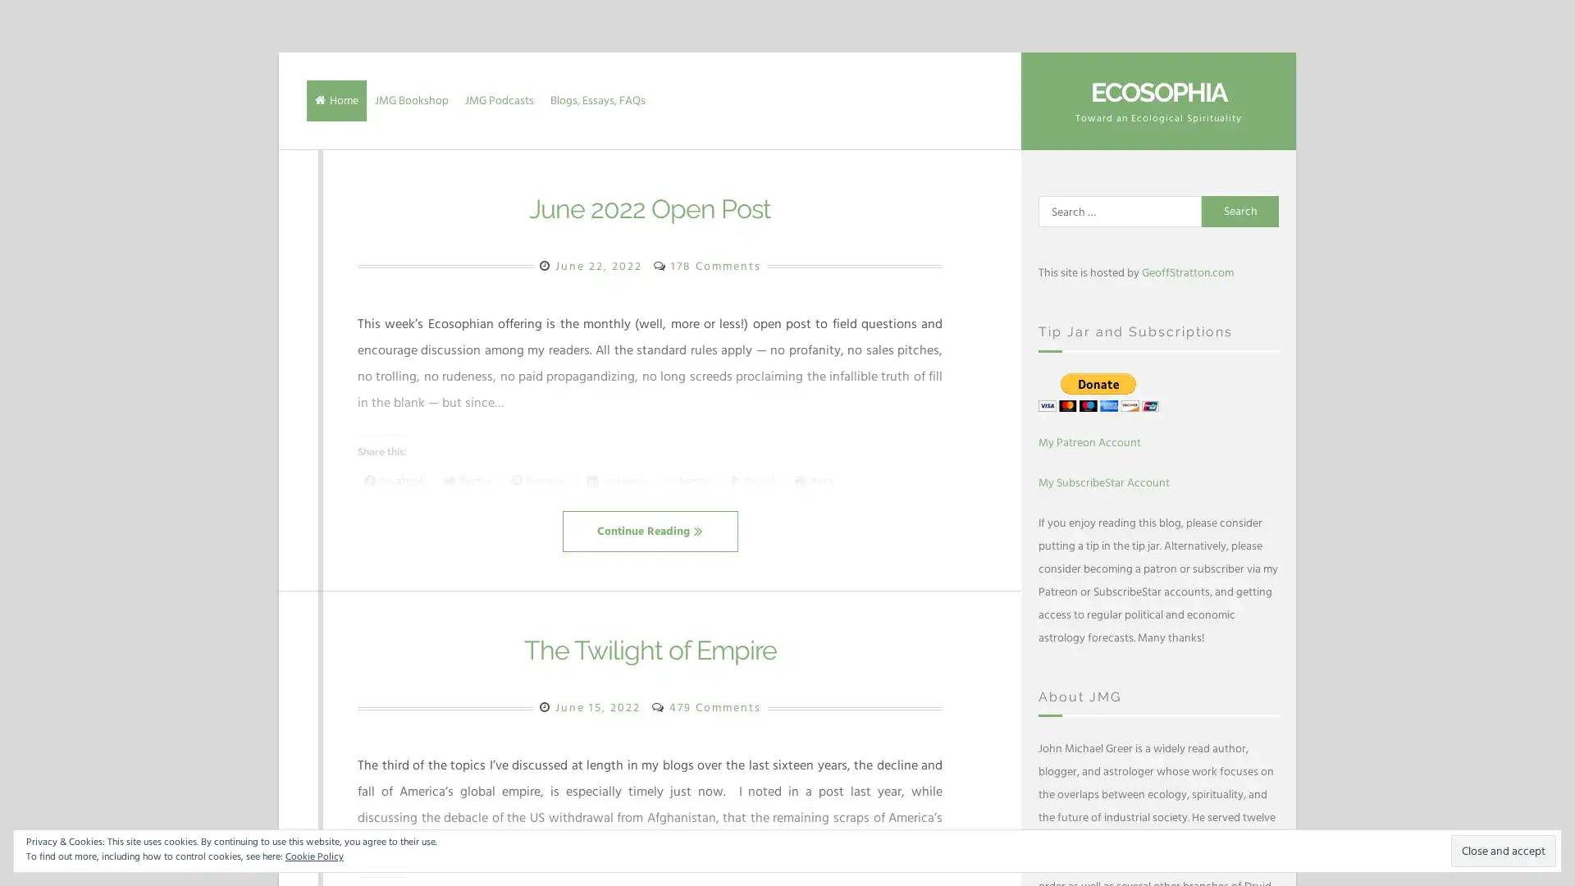  I want to click on PayPal - The safer, easier way to pay online!, so click(1098, 391).